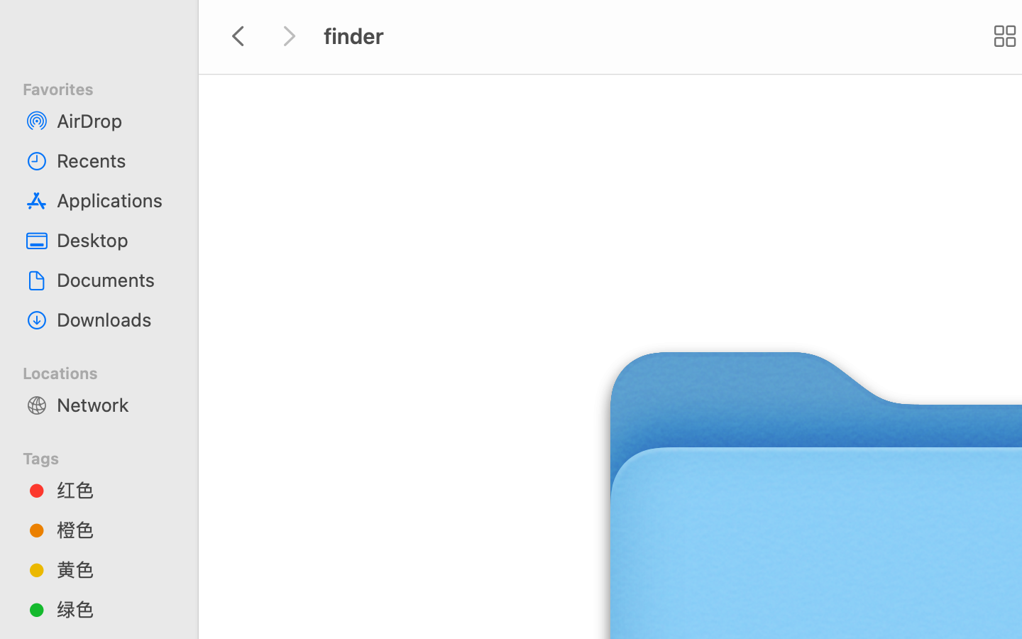 This screenshot has width=1022, height=639. What do you see at coordinates (113, 160) in the screenshot?
I see `'Recents'` at bounding box center [113, 160].